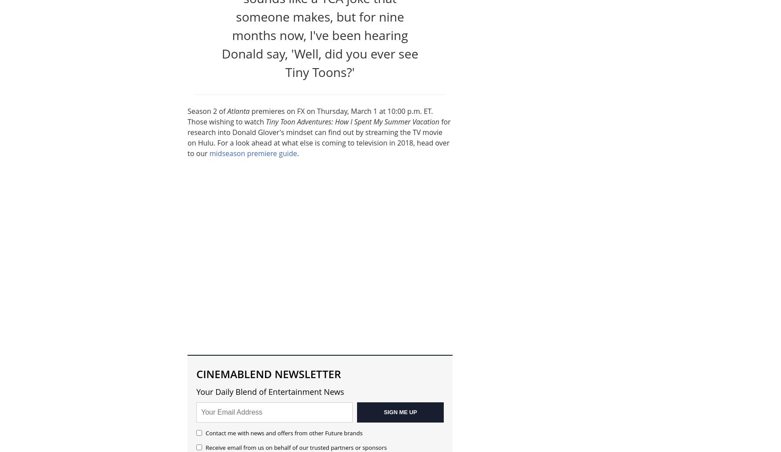 This screenshot has width=781, height=452. I want to click on 'Season 2 of', so click(207, 110).